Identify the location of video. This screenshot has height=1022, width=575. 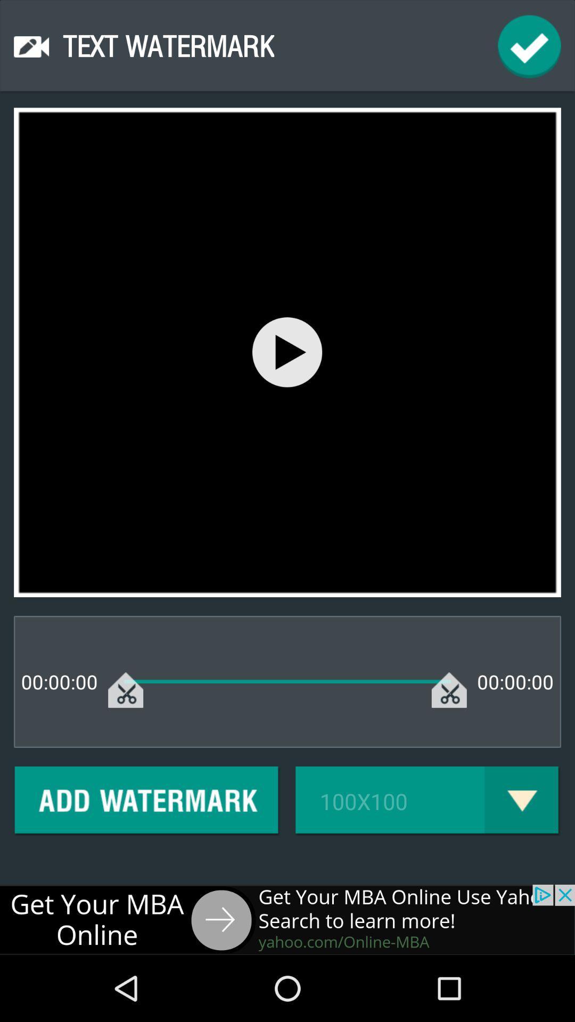
(286, 352).